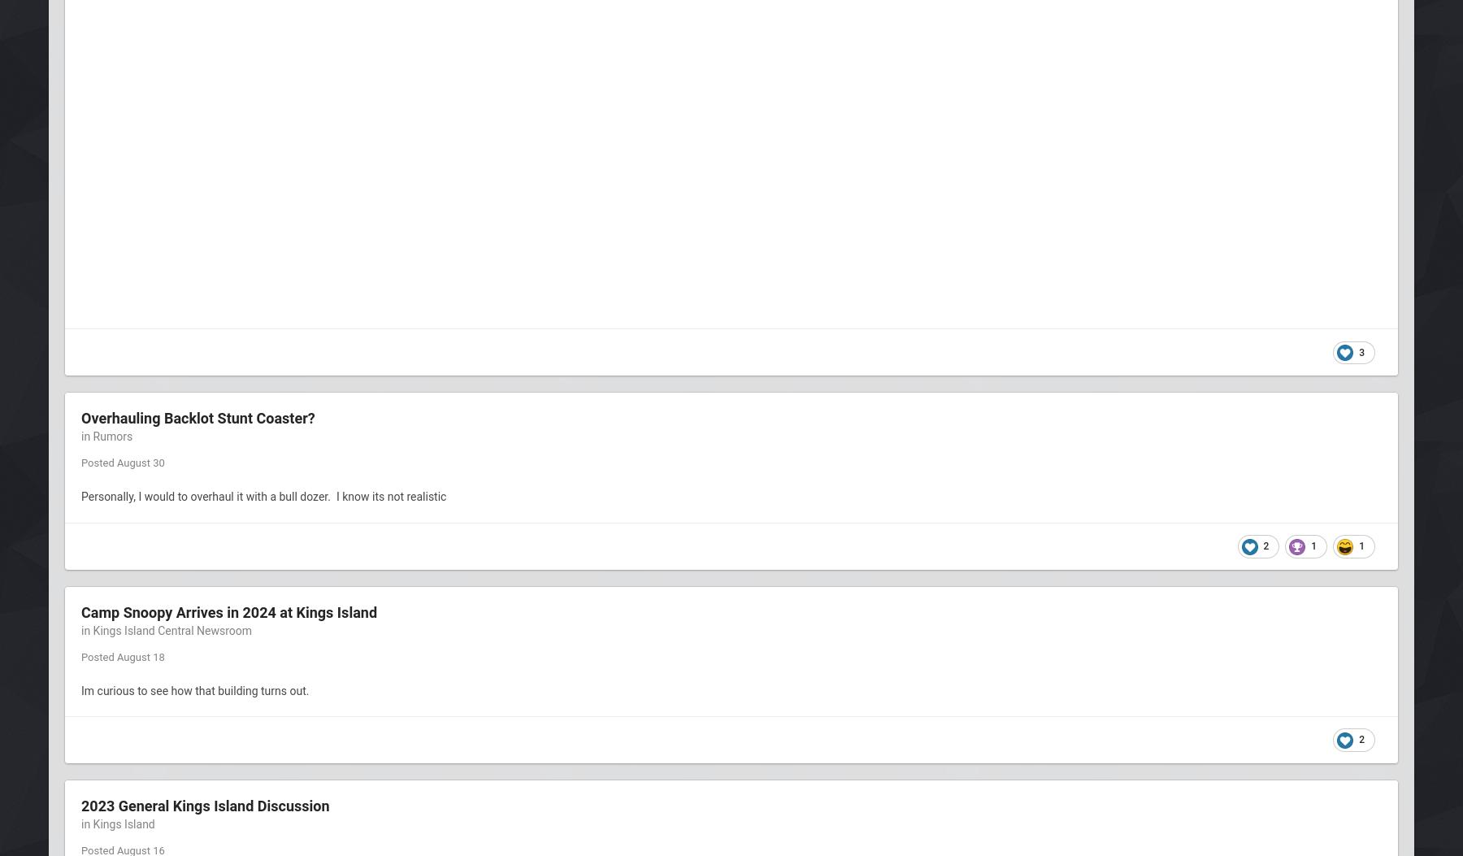 This screenshot has width=1463, height=856. I want to click on '3', so click(1358, 350).